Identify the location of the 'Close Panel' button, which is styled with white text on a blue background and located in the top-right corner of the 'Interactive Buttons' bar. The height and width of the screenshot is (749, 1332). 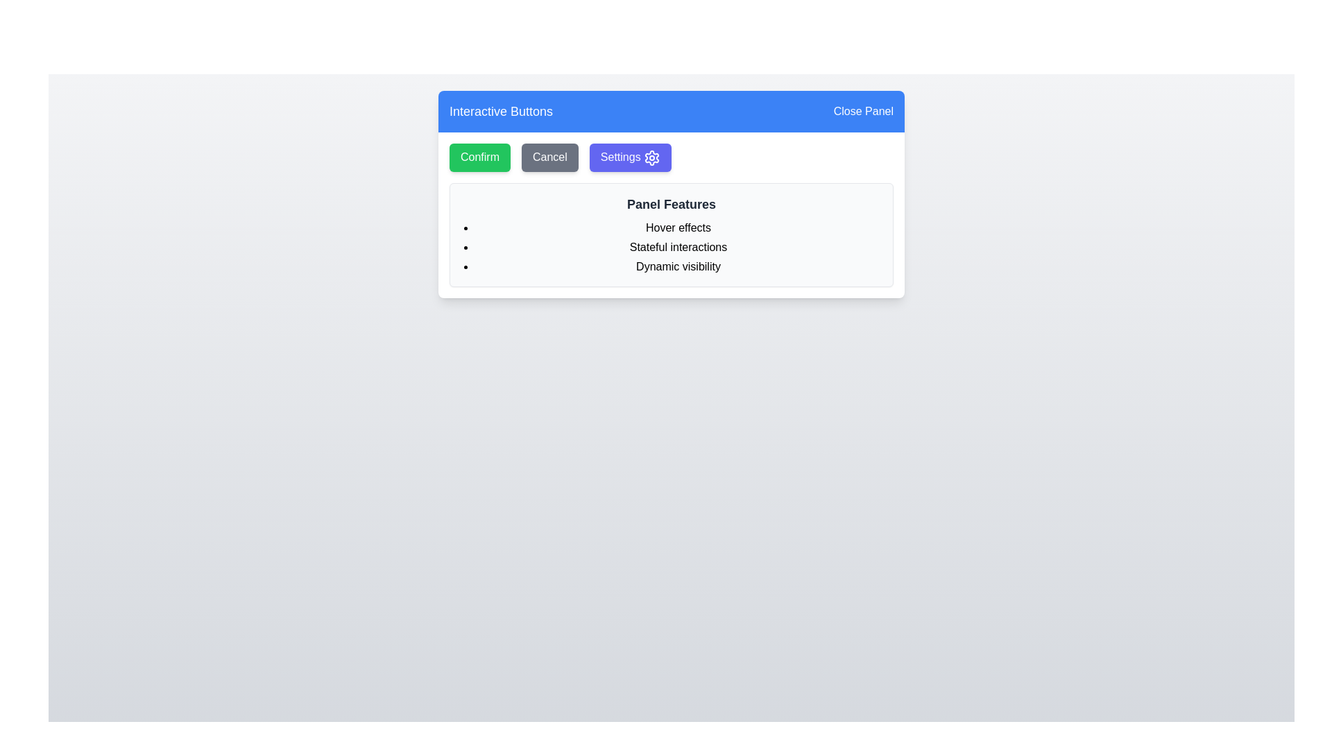
(862, 111).